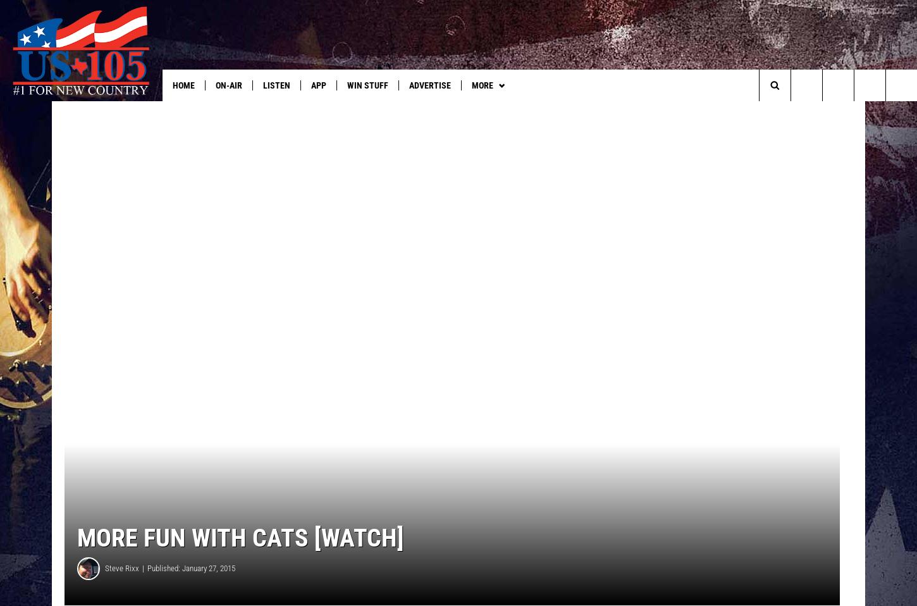  Describe the element at coordinates (346, 85) in the screenshot. I see `'Win Stuff'` at that location.